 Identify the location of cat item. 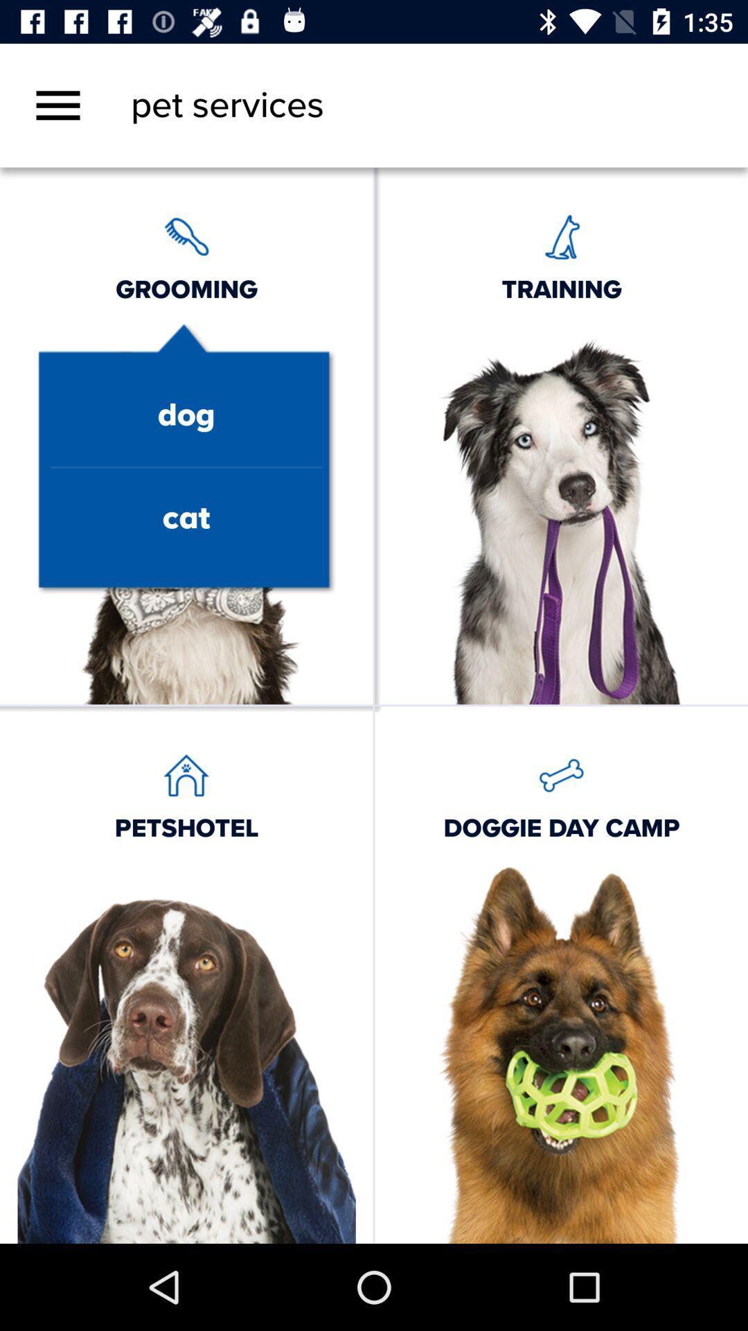
(186, 518).